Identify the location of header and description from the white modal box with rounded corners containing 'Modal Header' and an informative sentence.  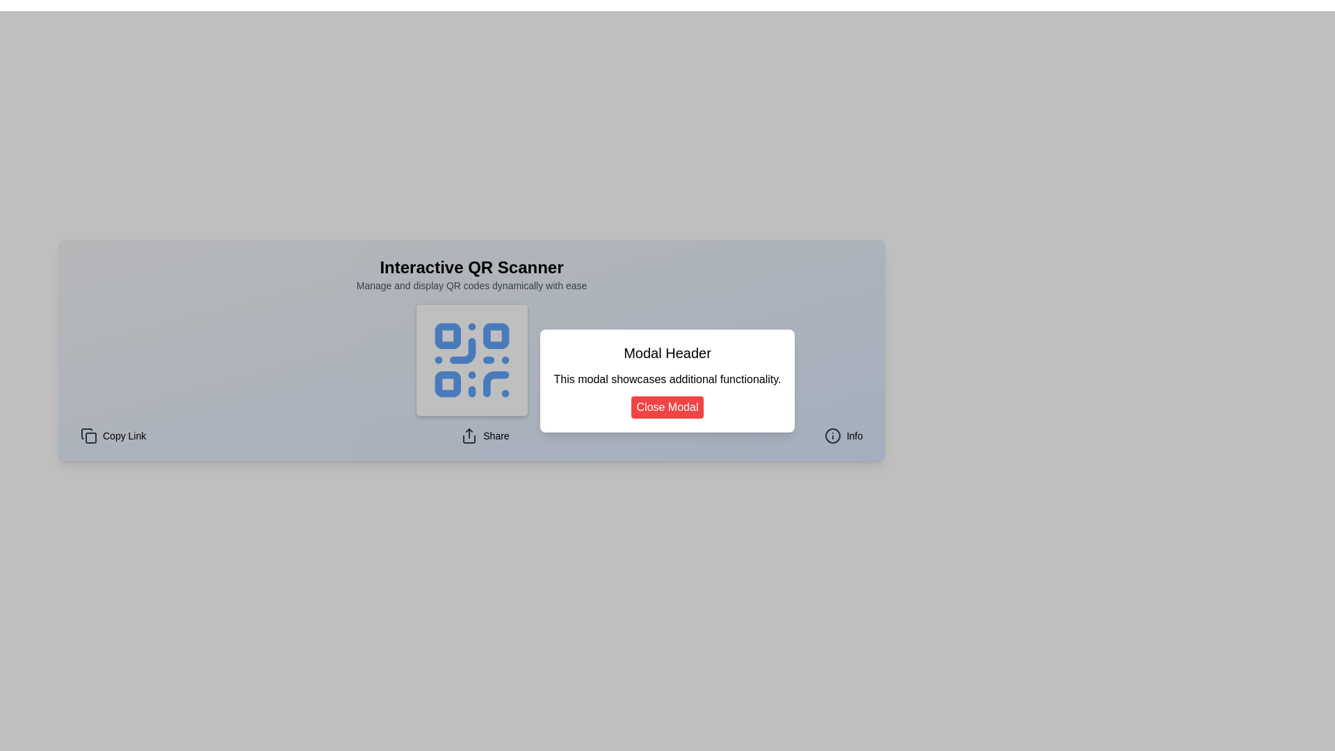
(667, 380).